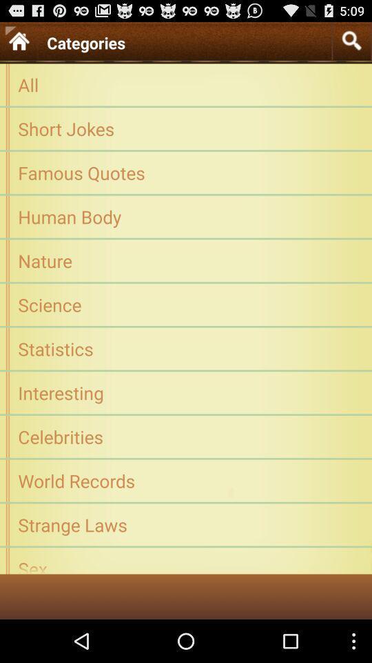 This screenshot has width=372, height=663. Describe the element at coordinates (186, 128) in the screenshot. I see `the icon below the all item` at that location.